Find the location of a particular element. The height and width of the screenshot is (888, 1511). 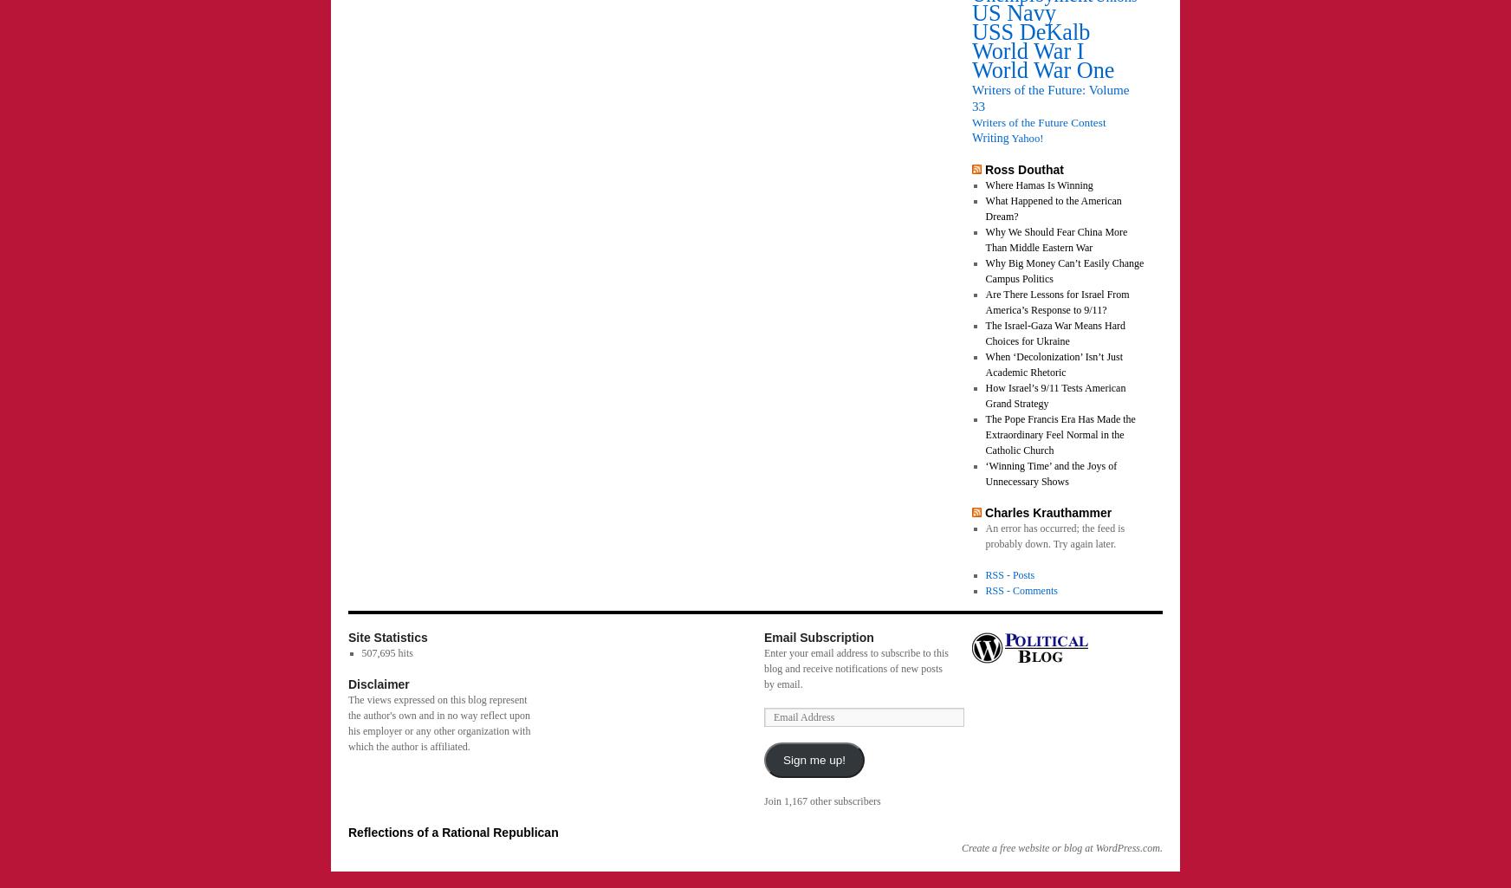

'US Navy' is located at coordinates (1013, 13).